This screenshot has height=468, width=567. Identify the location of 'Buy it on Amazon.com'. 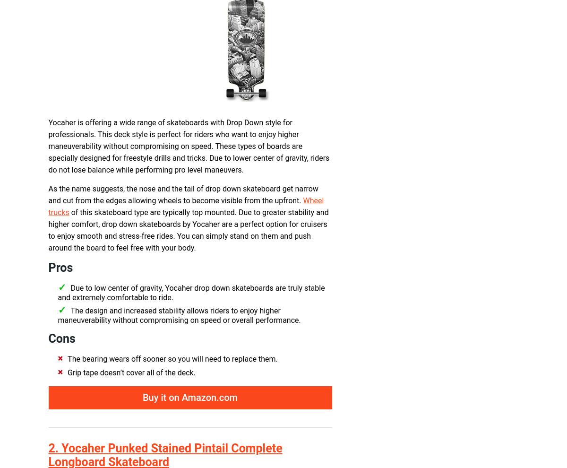
(190, 397).